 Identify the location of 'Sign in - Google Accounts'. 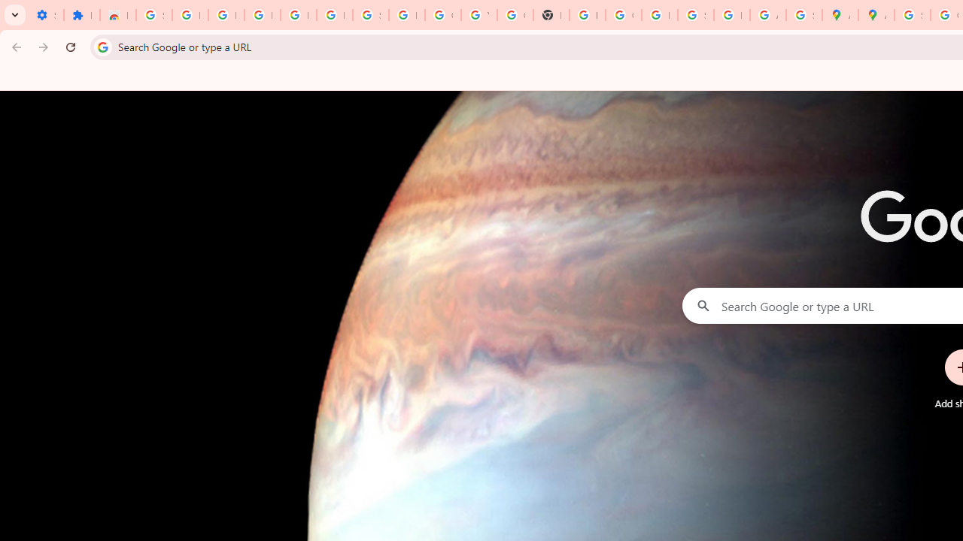
(153, 15).